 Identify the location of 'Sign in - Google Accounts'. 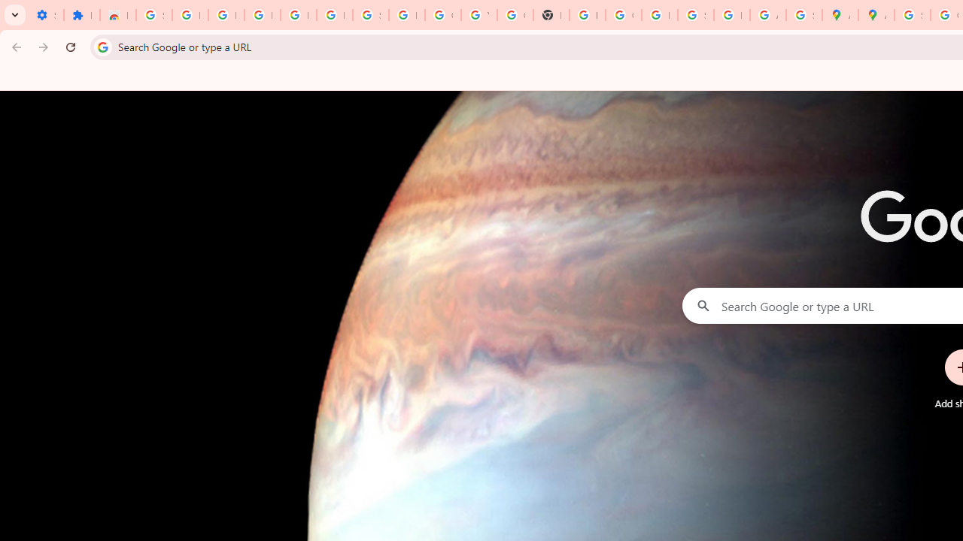
(153, 15).